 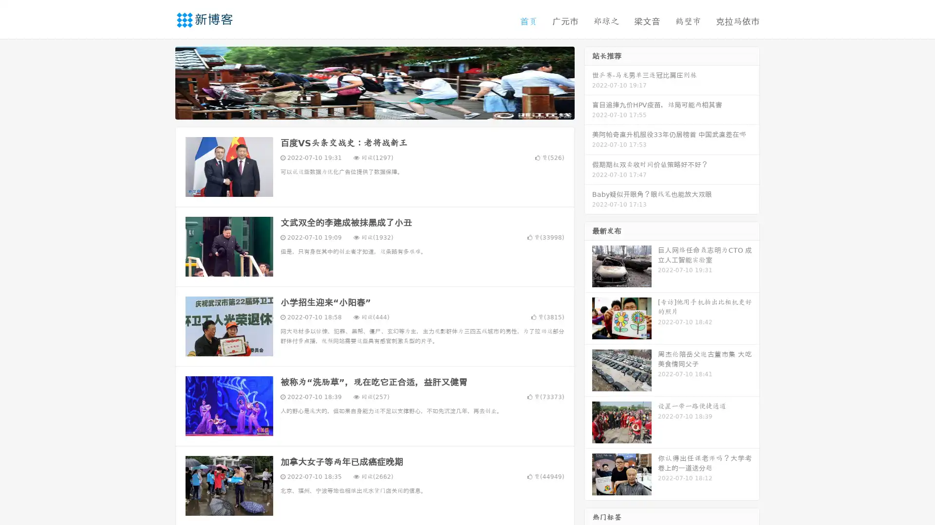 What do you see at coordinates (364, 109) in the screenshot?
I see `Go to slide 1` at bounding box center [364, 109].